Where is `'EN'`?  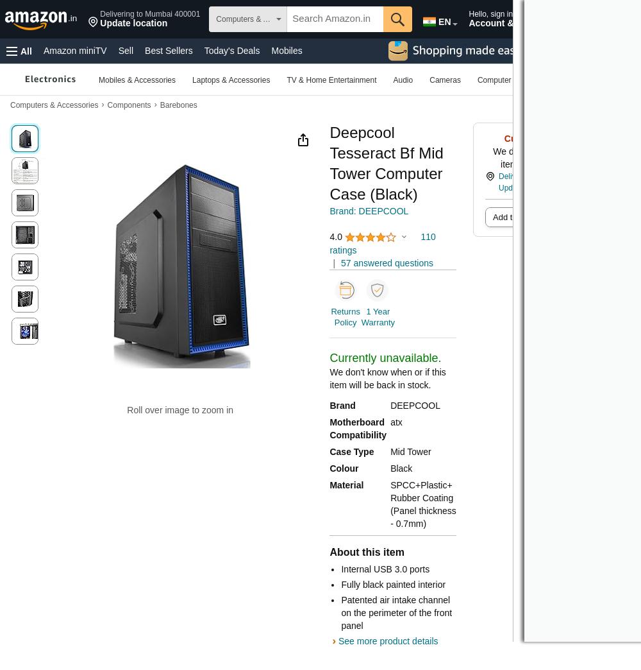
'EN' is located at coordinates (444, 21).